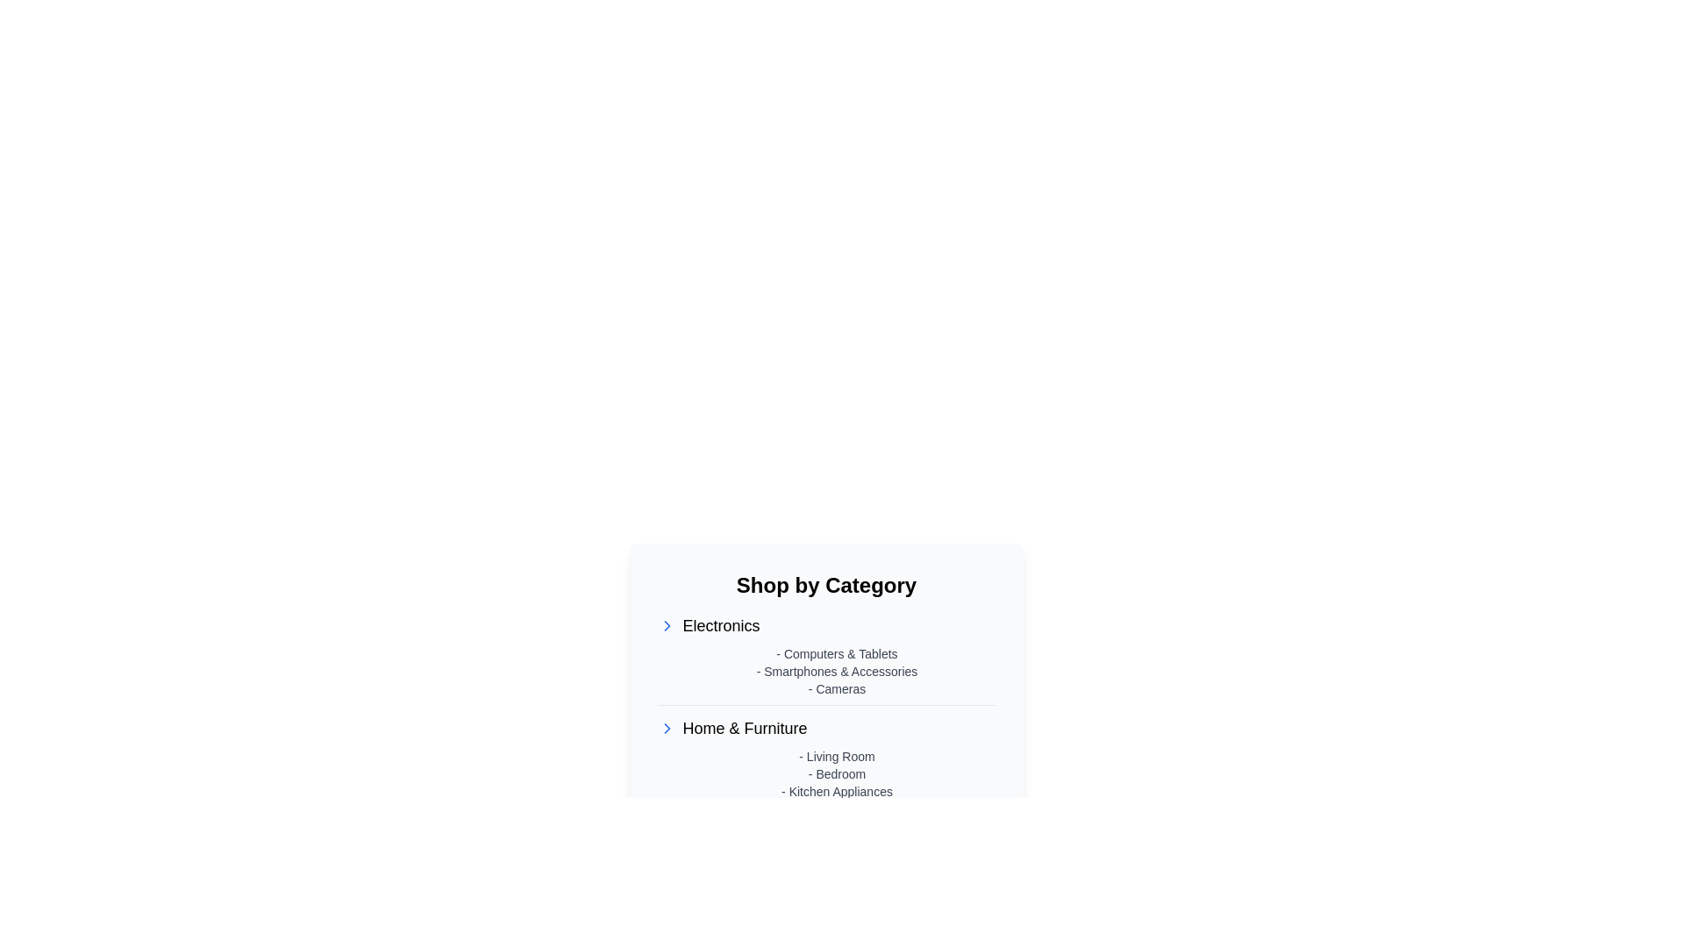 This screenshot has width=1684, height=947. What do you see at coordinates (825, 659) in the screenshot?
I see `a subcategory item under the 'Electronics' category for navigation` at bounding box center [825, 659].